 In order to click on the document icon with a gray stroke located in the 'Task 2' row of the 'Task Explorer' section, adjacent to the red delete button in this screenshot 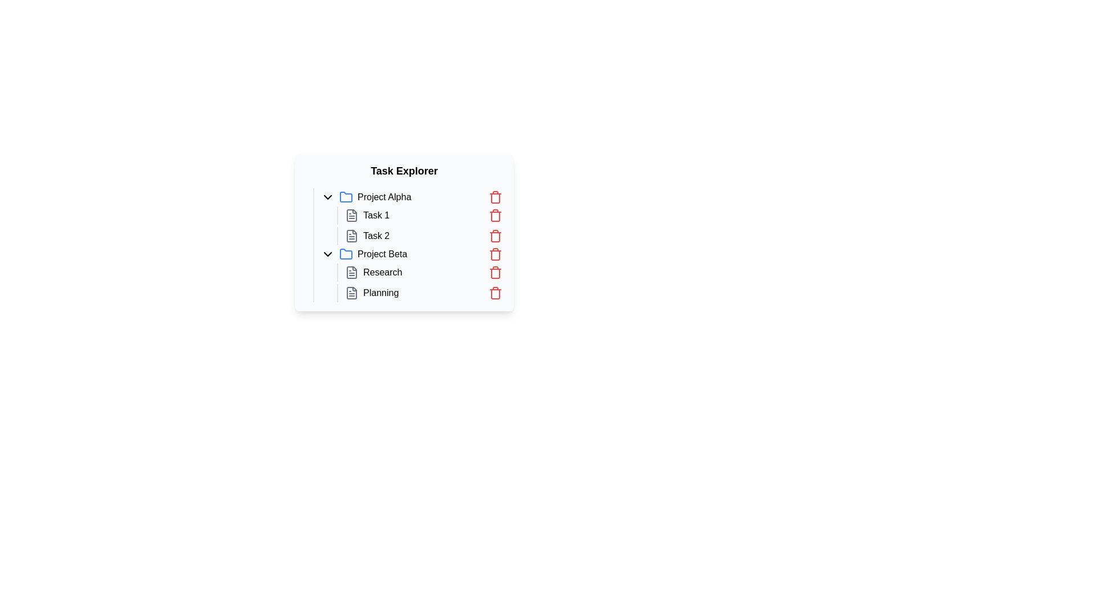, I will do `click(351, 235)`.